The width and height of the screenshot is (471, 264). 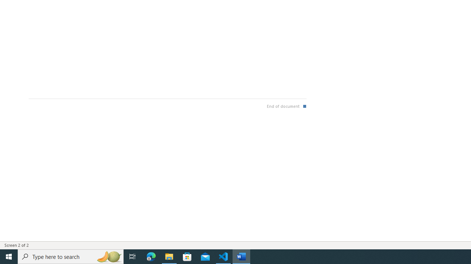 I want to click on 'Page Number Screen 2 of 2 ', so click(x=19, y=245).